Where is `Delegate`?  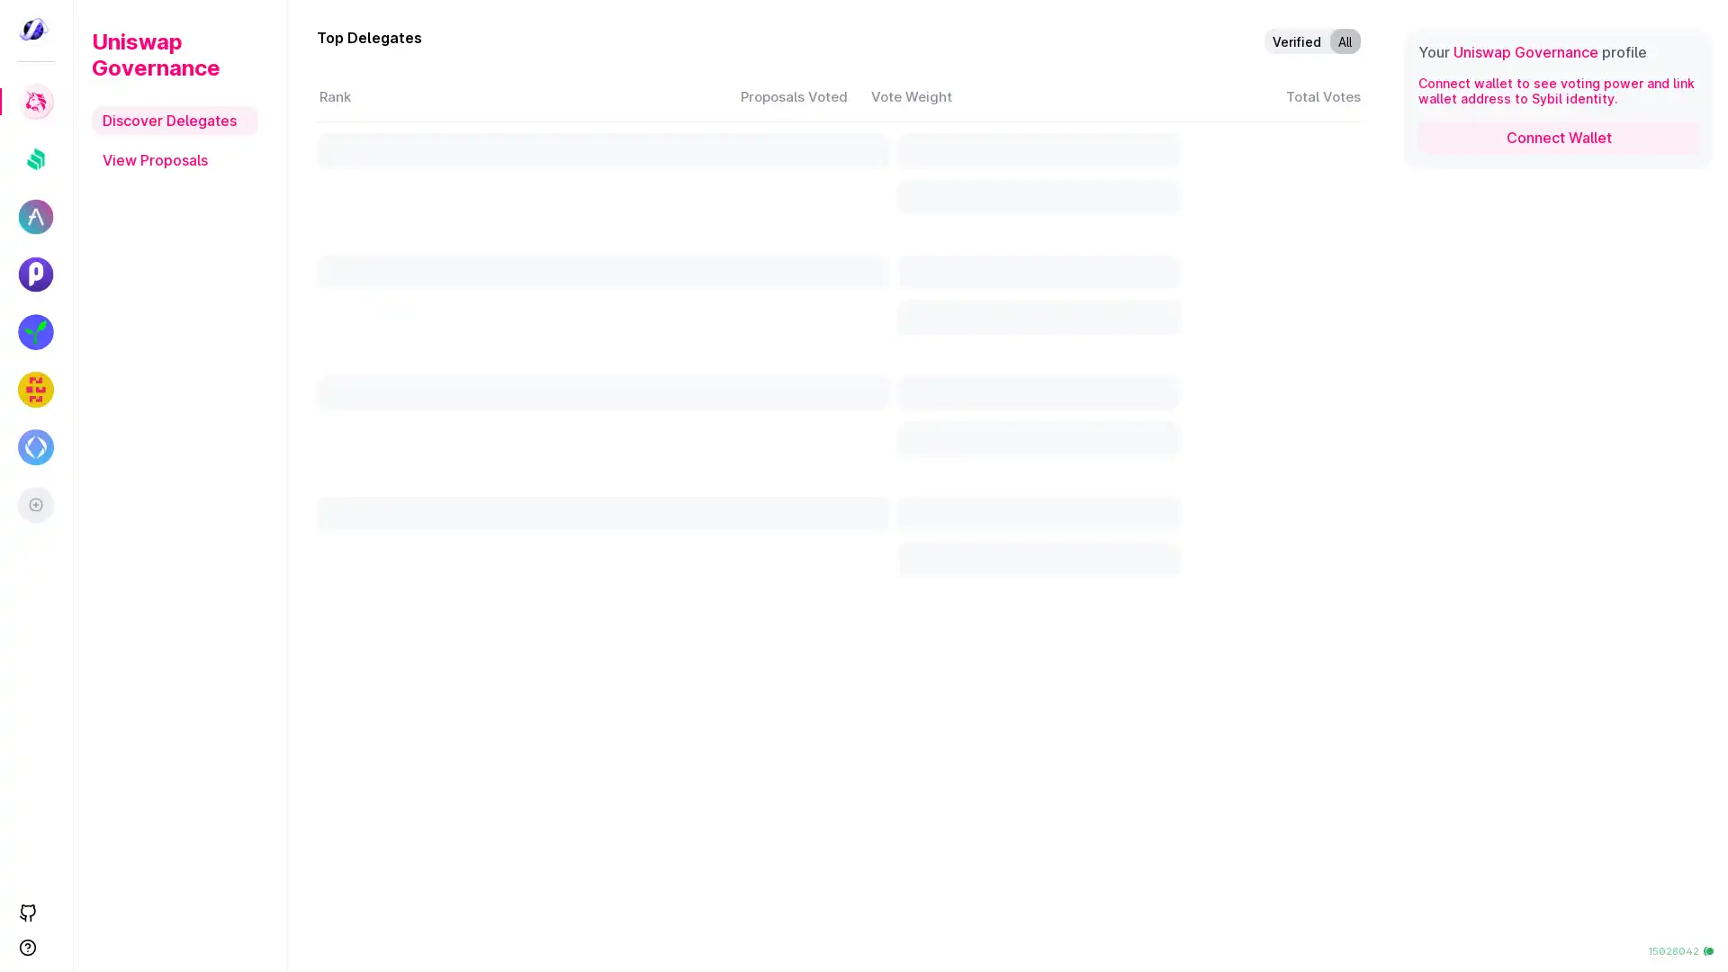 Delegate is located at coordinates (1193, 302).